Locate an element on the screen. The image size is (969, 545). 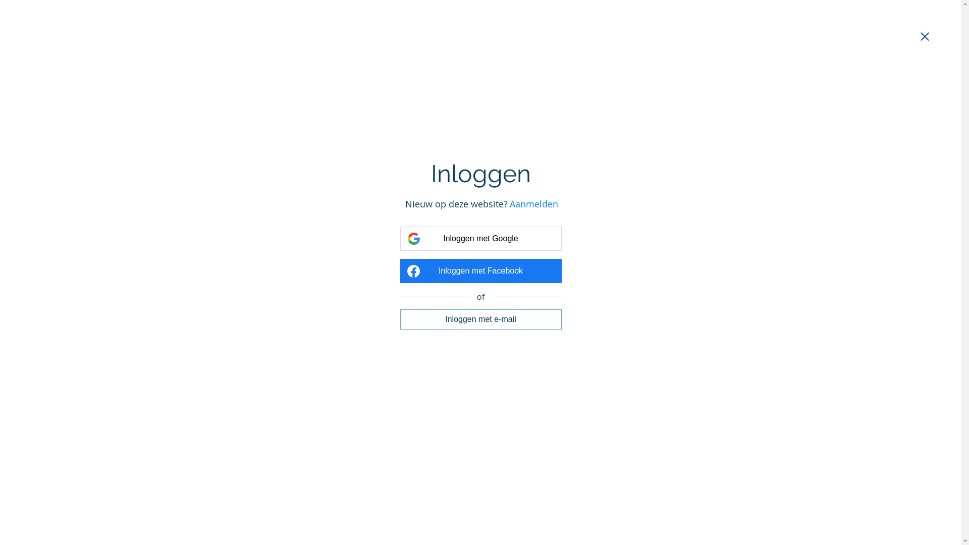
'Aanmelden' is located at coordinates (533, 204).